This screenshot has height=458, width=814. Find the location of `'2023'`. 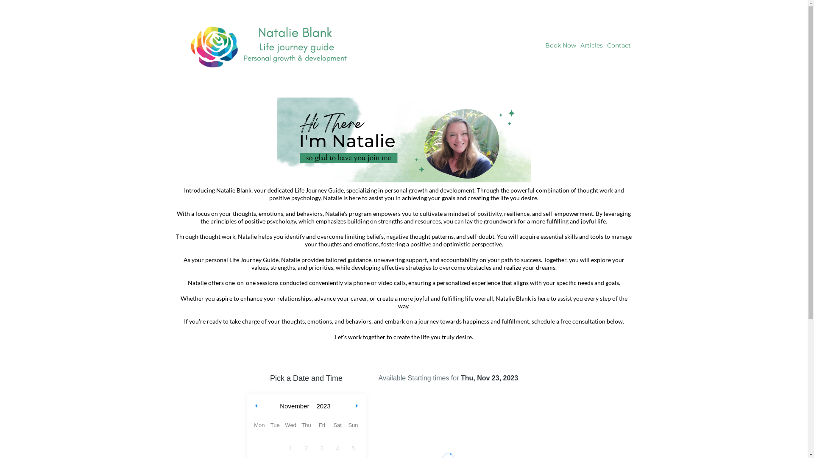

'2023' is located at coordinates (323, 405).